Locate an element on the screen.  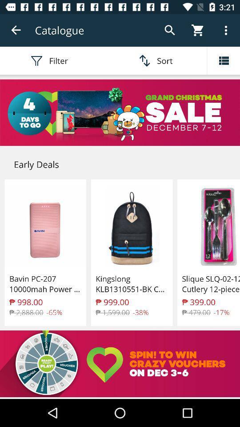
link is located at coordinates (120, 112).